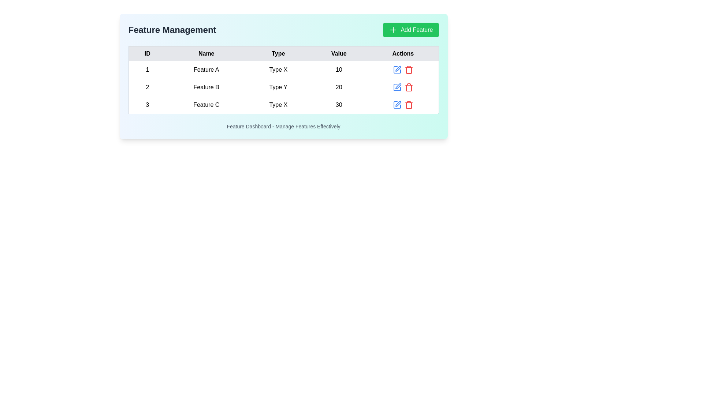 Image resolution: width=703 pixels, height=395 pixels. Describe the element at coordinates (338, 53) in the screenshot. I see `the static text label 'Value' which is part of the header row in the table, located near the center-right portion of the table, displayed in bold black text against a light gray background` at that location.